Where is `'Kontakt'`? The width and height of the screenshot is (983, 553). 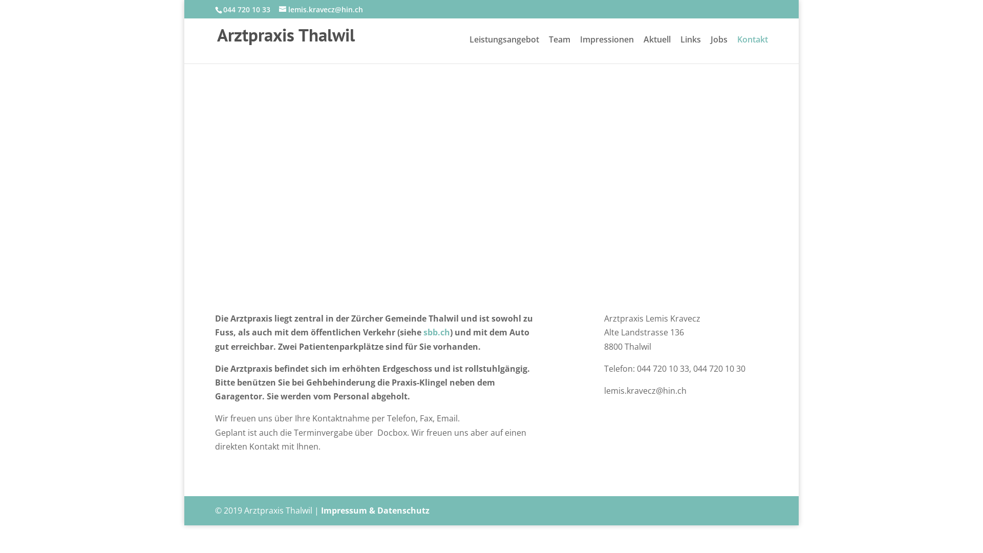 'Kontakt' is located at coordinates (737, 49).